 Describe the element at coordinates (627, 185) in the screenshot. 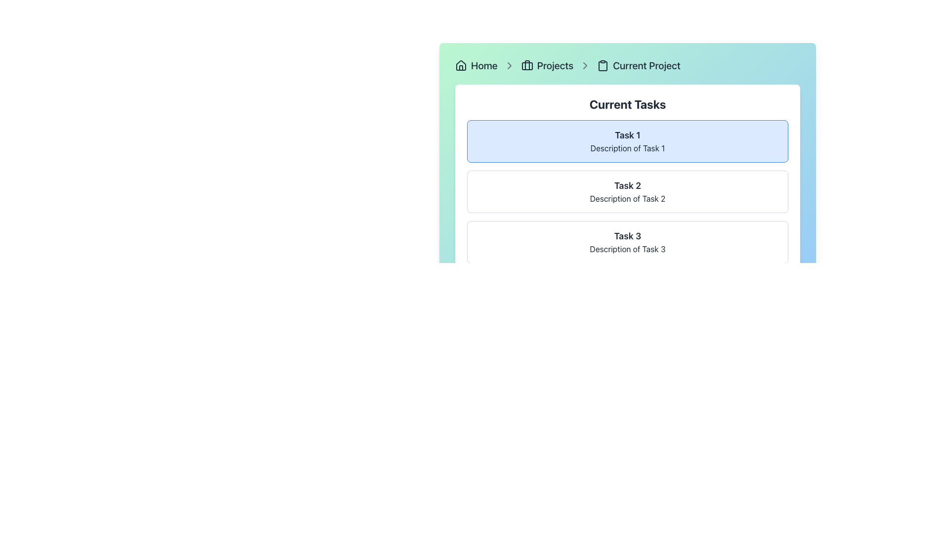

I see `the 'Task 2' text label` at that location.